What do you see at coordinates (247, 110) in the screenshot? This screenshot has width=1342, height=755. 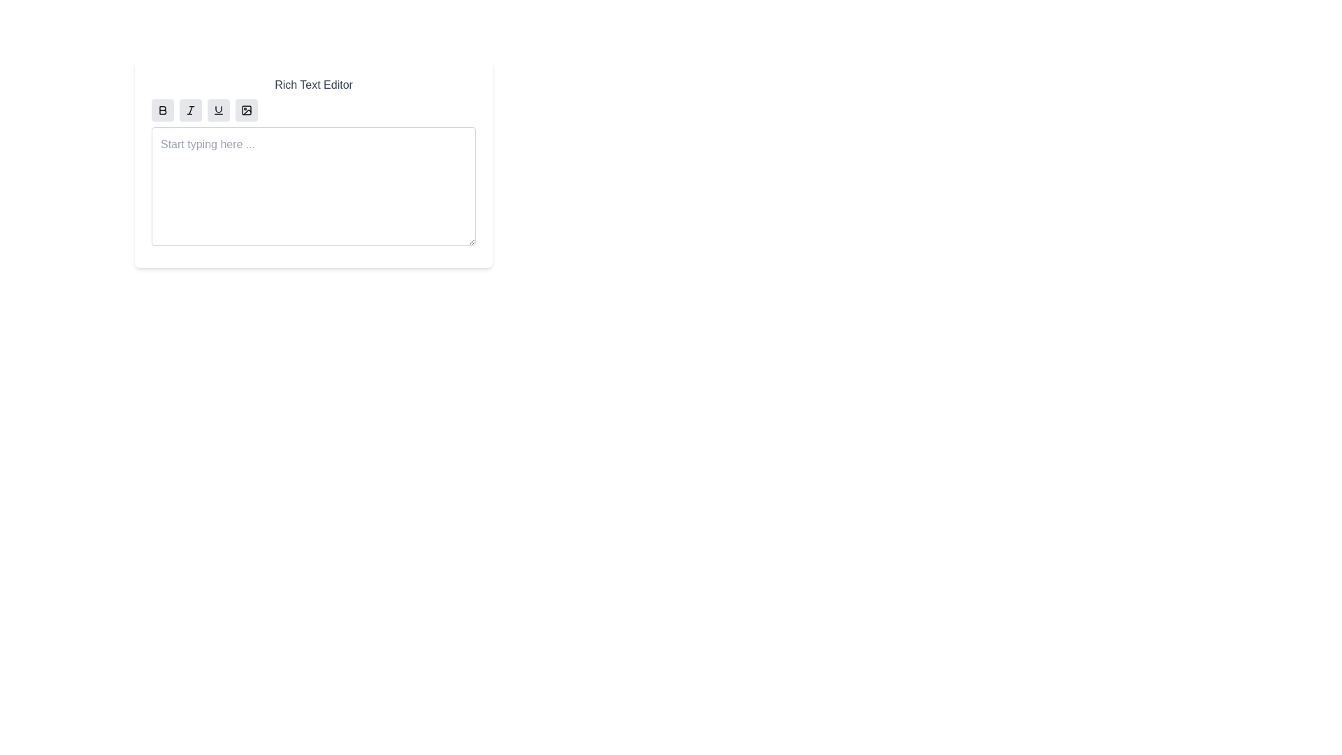 I see `the image insertion icon button in the toolbar of the rich text editor` at bounding box center [247, 110].